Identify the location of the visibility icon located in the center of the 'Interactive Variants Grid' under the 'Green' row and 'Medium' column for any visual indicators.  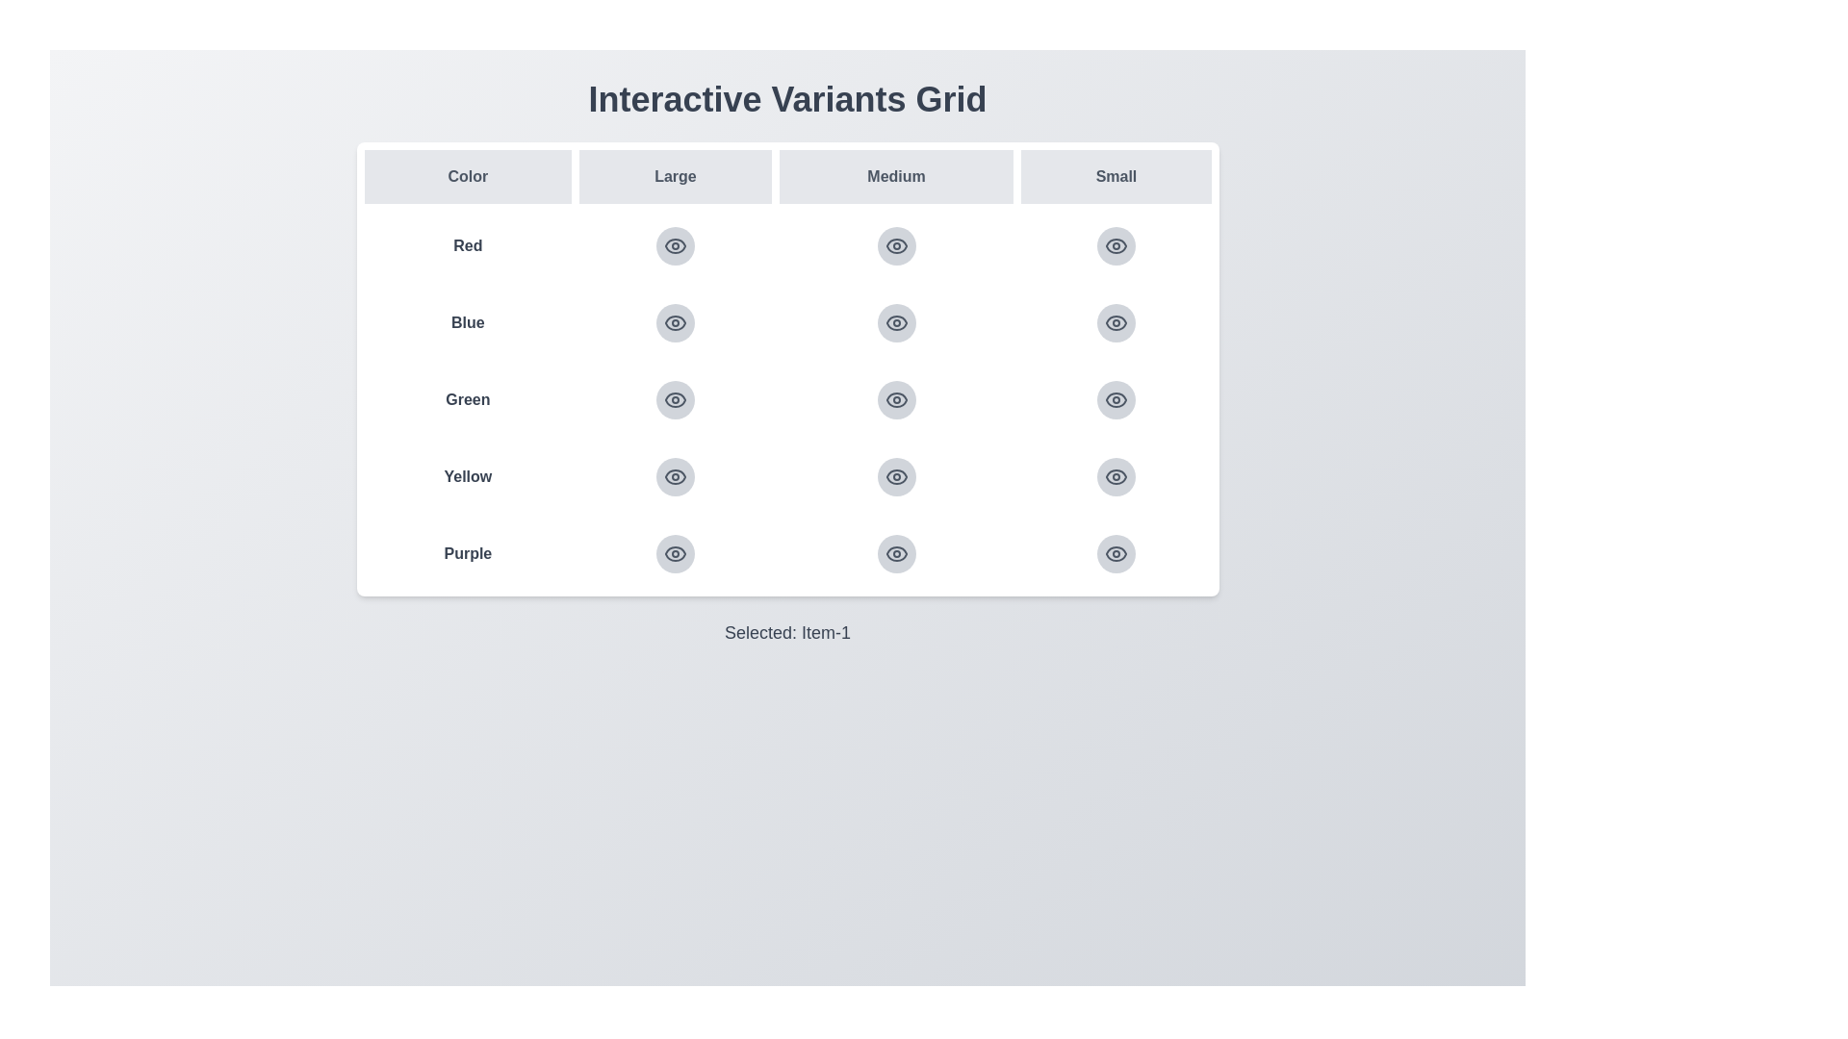
(895, 399).